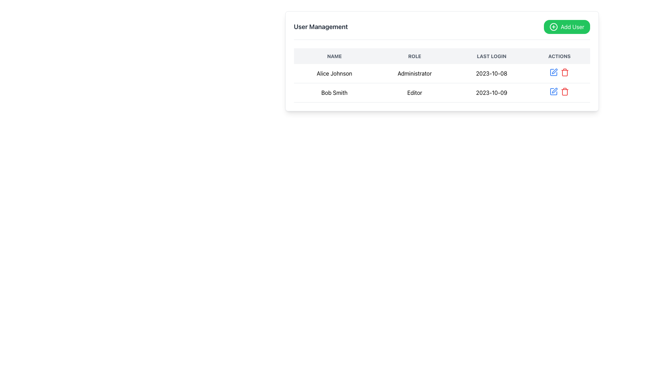 The width and height of the screenshot is (672, 378). I want to click on the text element displaying the date '2023-10-09' in the 'Last Login' column for 'Bob Smith' in the data table, so click(491, 92).